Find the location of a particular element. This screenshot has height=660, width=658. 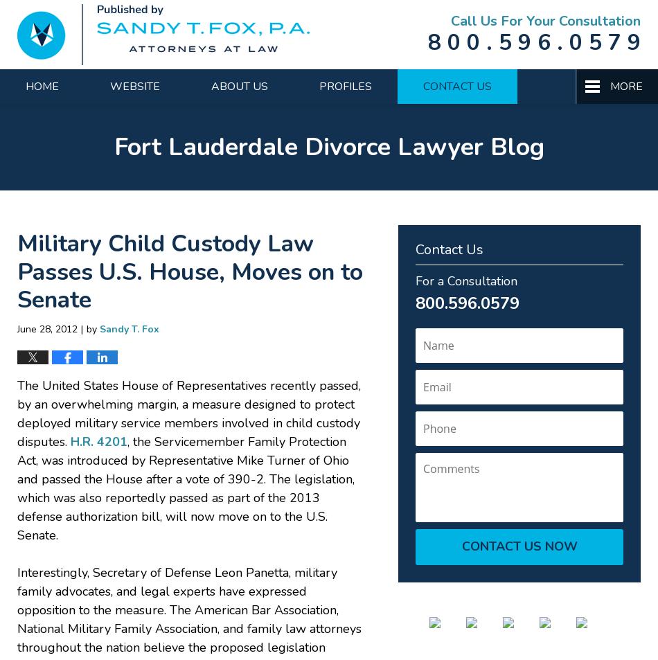

'Home' is located at coordinates (42, 86).